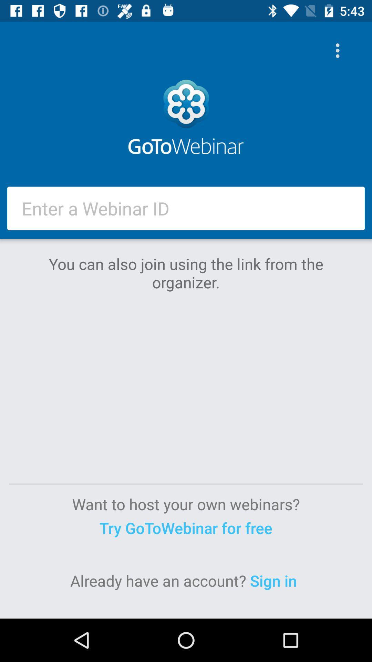 The width and height of the screenshot is (372, 662). I want to click on the more icon, so click(339, 50).